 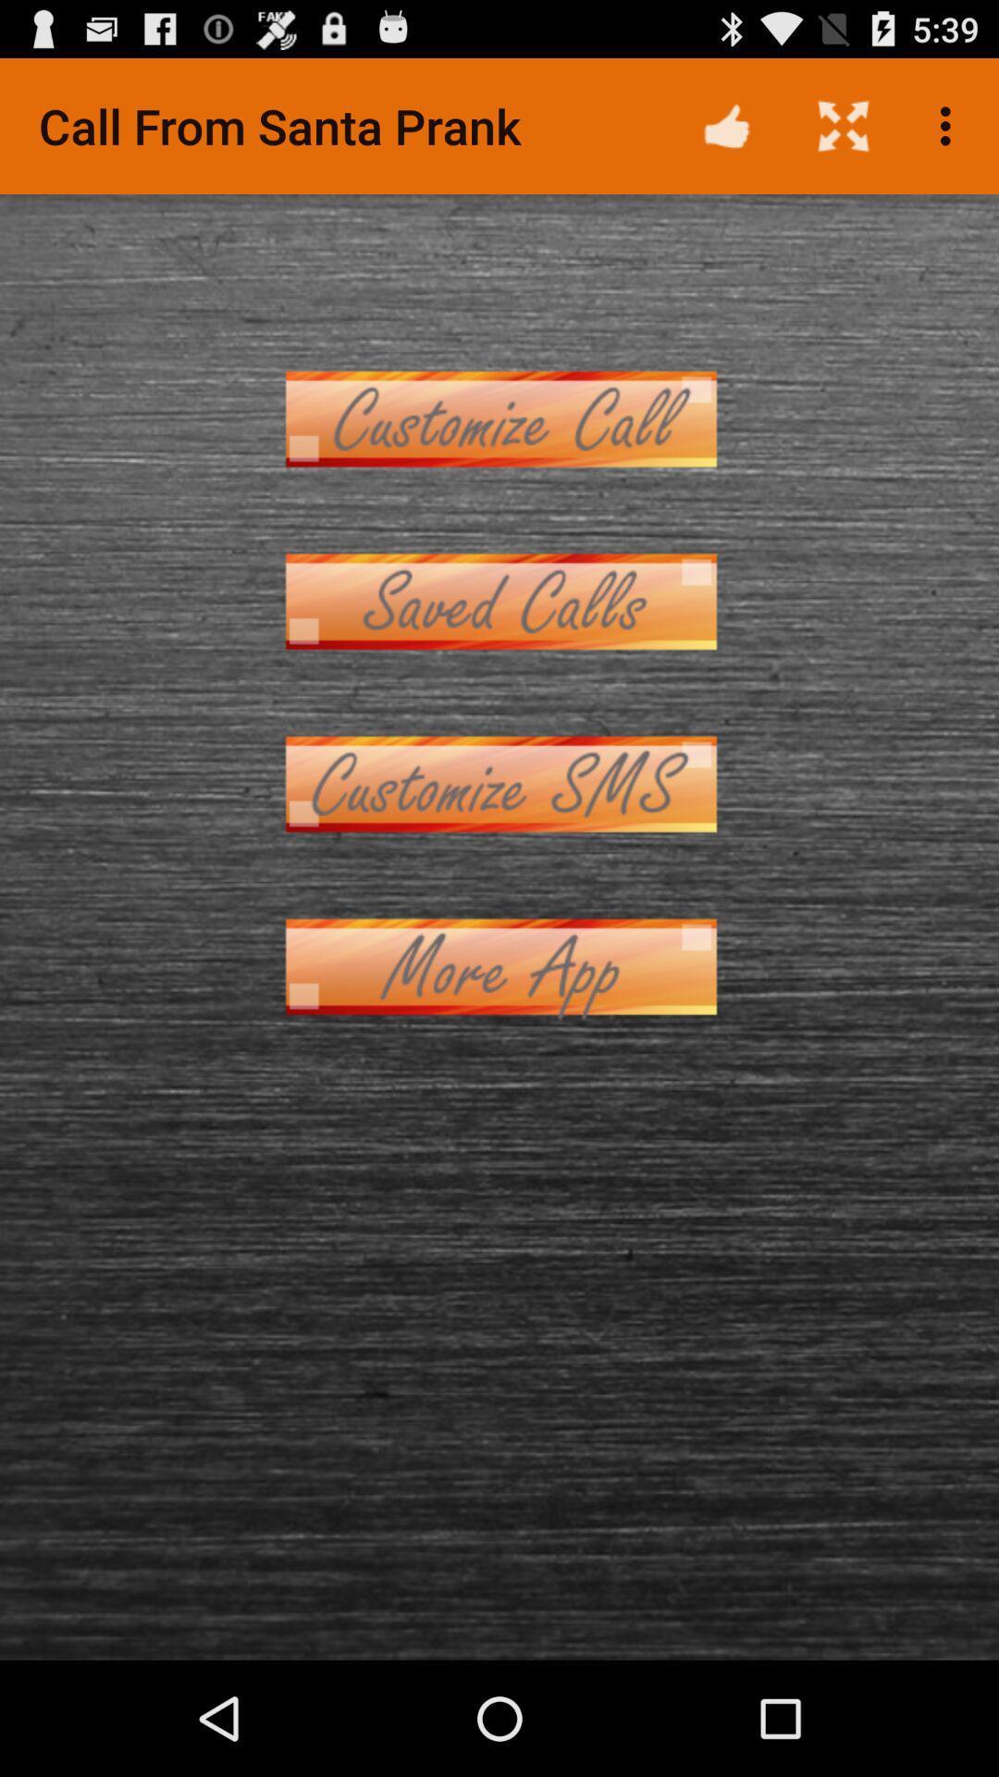 I want to click on icon to the right of call from santa app, so click(x=726, y=125).